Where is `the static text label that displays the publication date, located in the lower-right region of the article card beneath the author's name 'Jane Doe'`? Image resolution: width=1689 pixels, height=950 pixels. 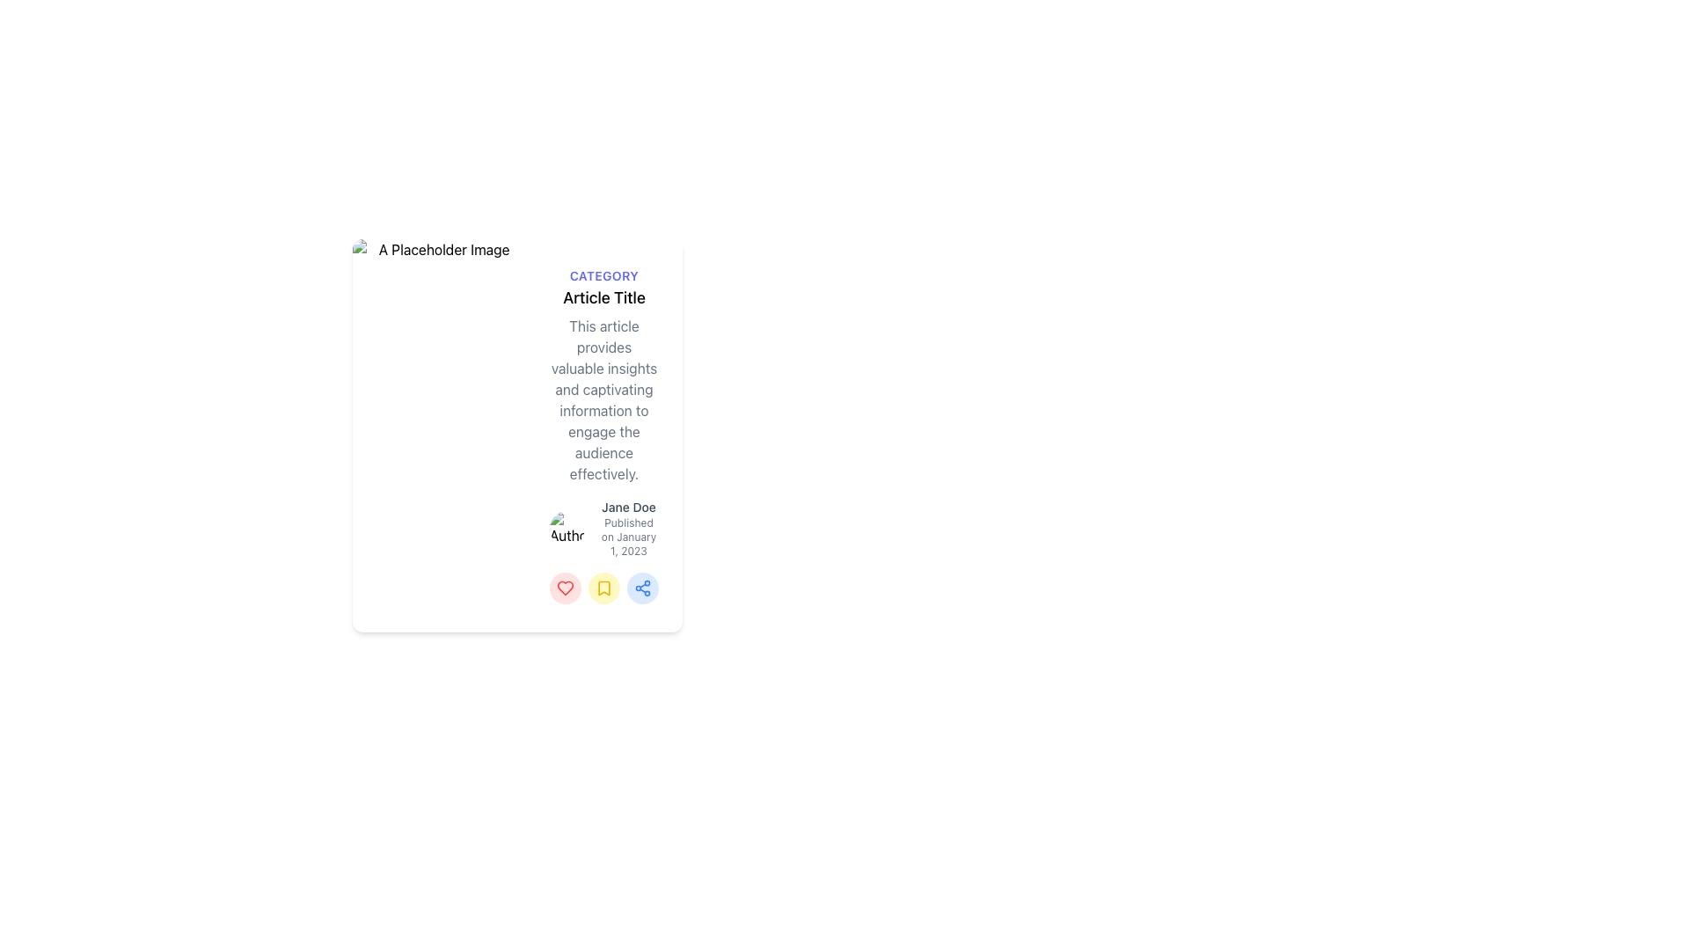
the static text label that displays the publication date, located in the lower-right region of the article card beneath the author's name 'Jane Doe' is located at coordinates (629, 535).